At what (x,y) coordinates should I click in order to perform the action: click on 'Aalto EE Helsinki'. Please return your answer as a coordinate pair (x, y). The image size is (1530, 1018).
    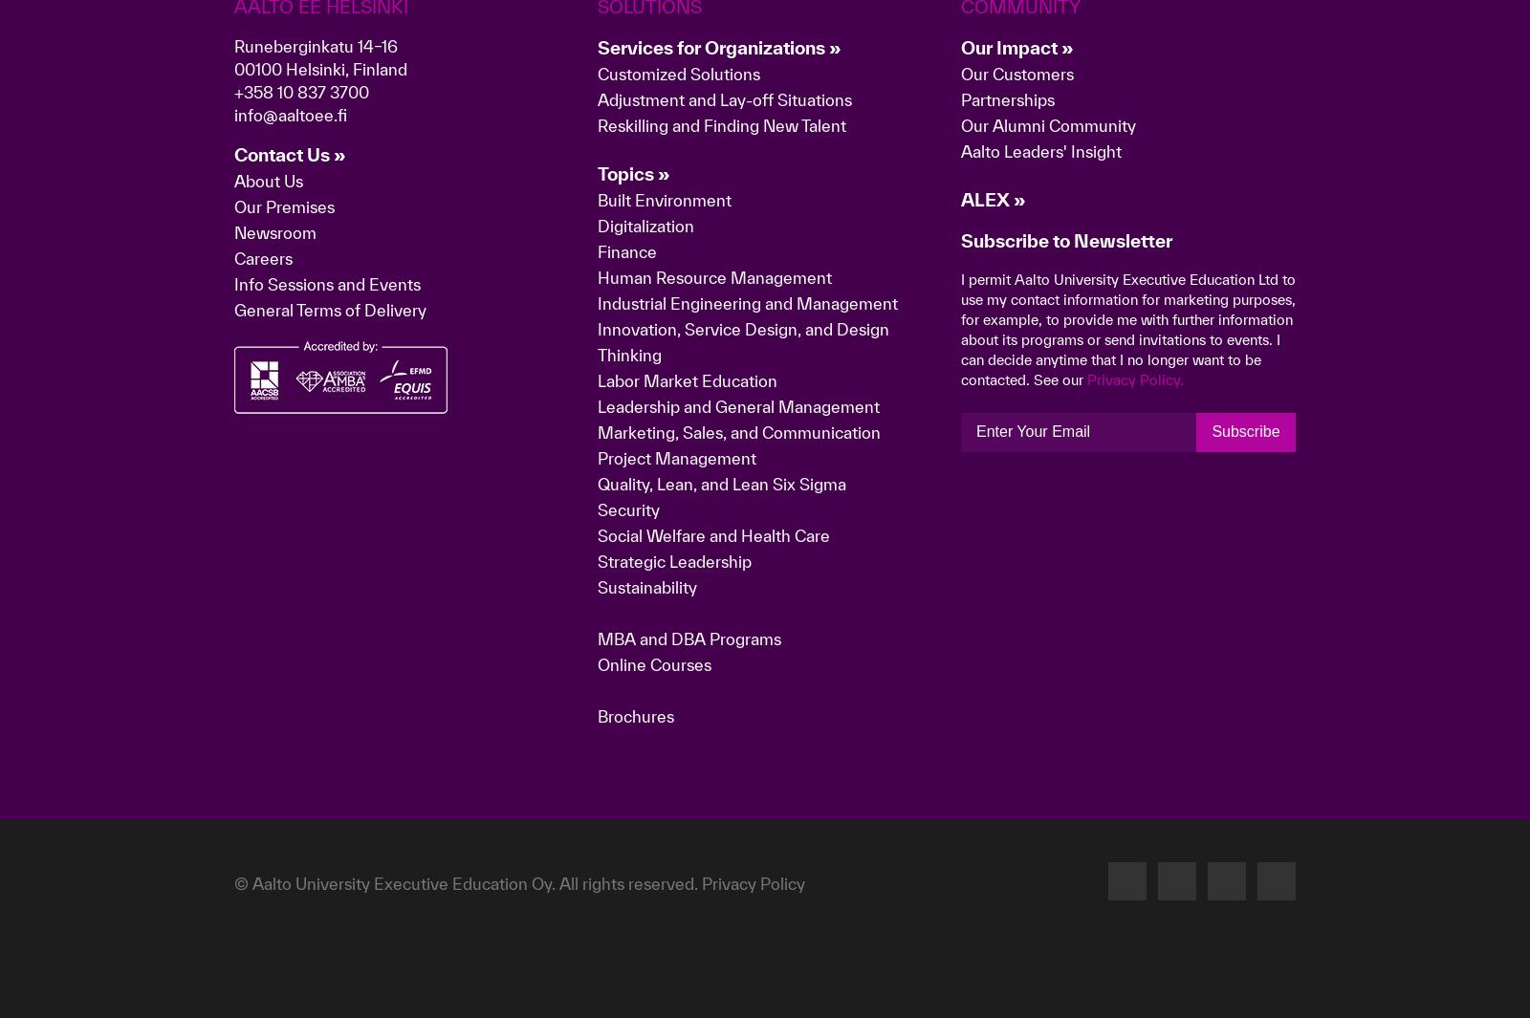
    Looking at the image, I should click on (321, 306).